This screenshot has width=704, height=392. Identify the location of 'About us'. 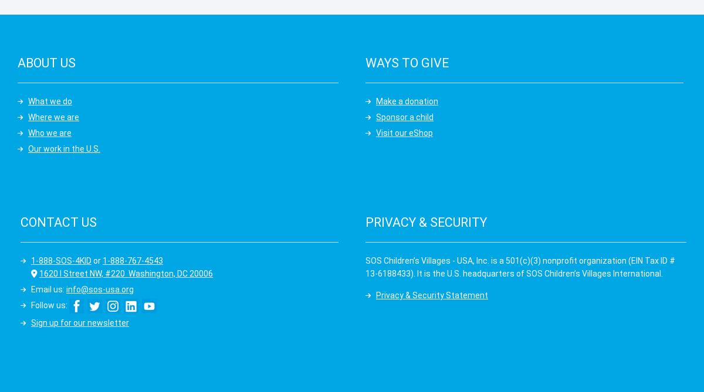
(18, 63).